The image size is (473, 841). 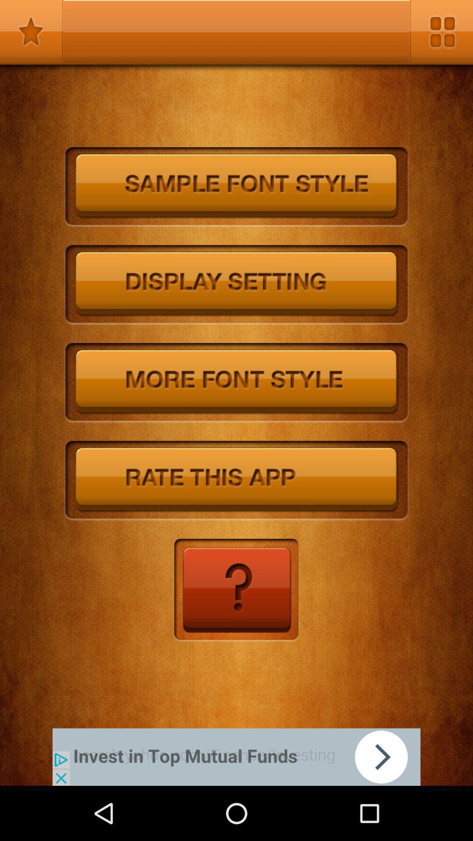 I want to click on question button, so click(x=236, y=590).